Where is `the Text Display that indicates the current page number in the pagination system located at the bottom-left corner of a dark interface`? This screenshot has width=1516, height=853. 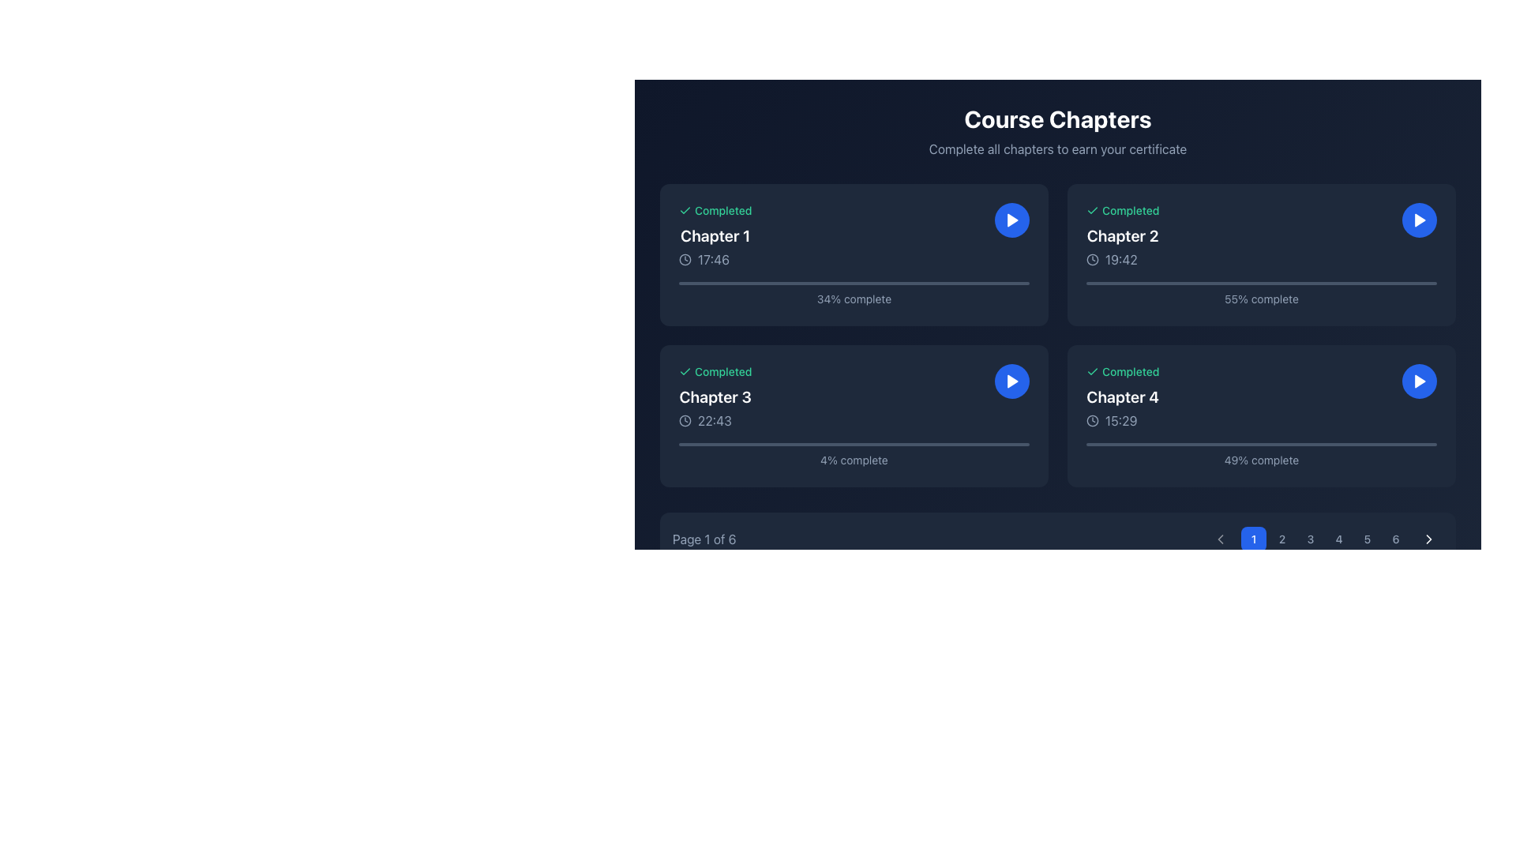 the Text Display that indicates the current page number in the pagination system located at the bottom-left corner of a dark interface is located at coordinates (704, 538).